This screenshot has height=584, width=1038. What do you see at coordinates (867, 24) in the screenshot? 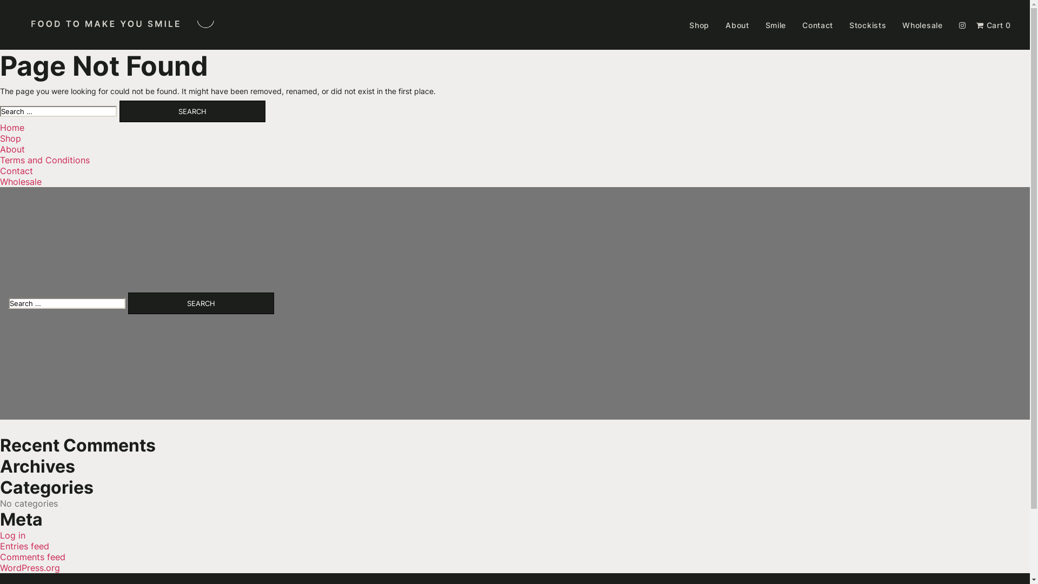
I see `'Stockists'` at bounding box center [867, 24].